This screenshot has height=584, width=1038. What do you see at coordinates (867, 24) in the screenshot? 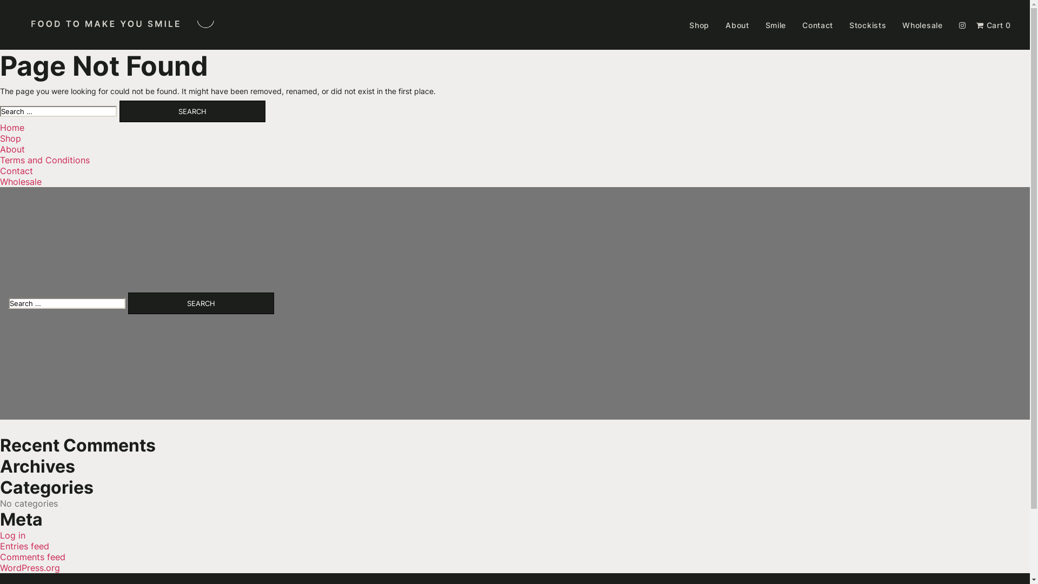
I see `'Stockists'` at bounding box center [867, 24].